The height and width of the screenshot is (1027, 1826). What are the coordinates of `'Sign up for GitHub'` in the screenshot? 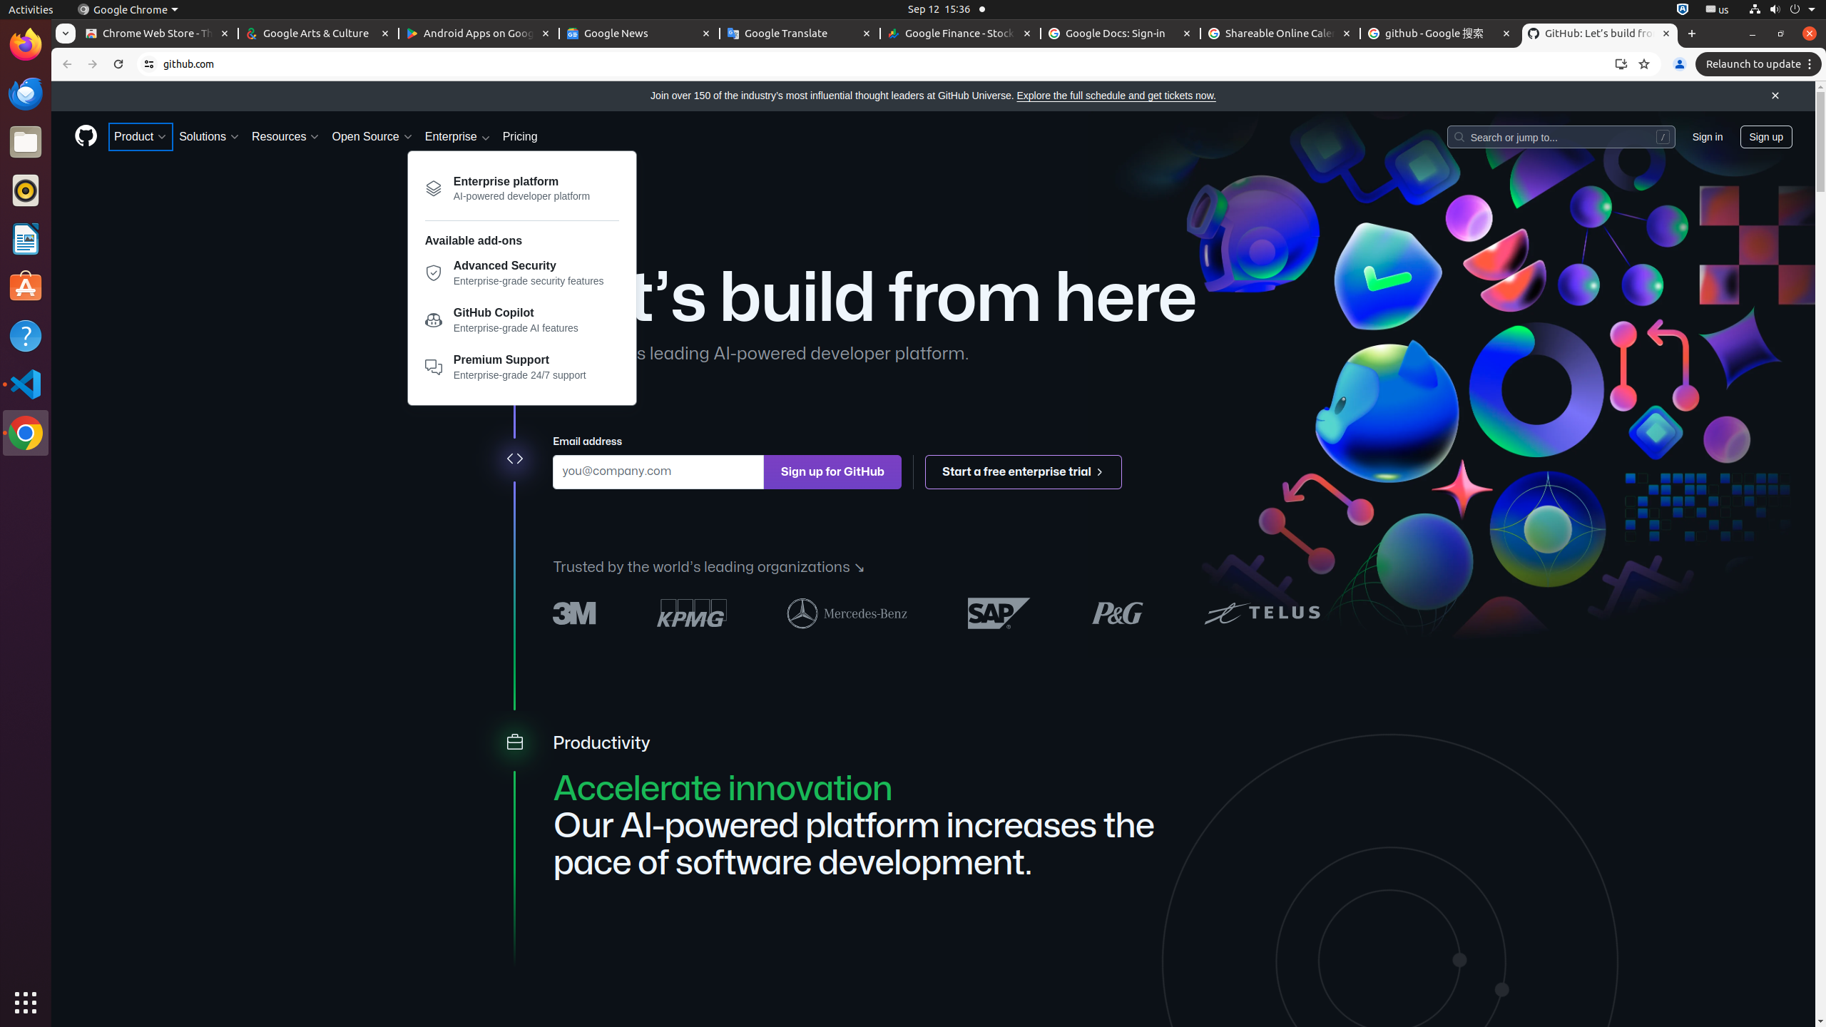 It's located at (832, 471).